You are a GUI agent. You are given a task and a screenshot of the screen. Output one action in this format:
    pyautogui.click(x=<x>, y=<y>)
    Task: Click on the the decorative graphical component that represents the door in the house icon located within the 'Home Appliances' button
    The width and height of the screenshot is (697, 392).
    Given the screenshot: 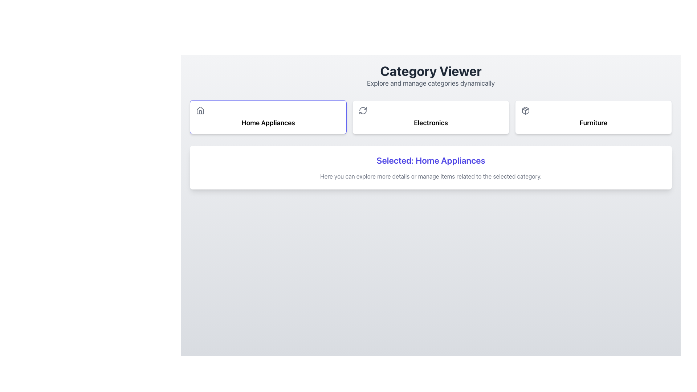 What is the action you would take?
    pyautogui.click(x=200, y=112)
    